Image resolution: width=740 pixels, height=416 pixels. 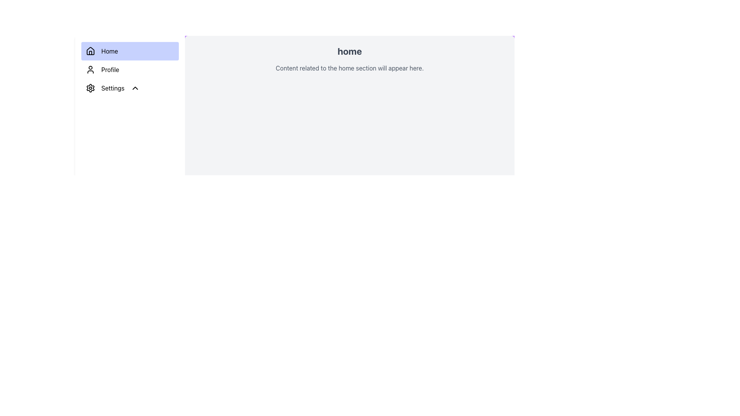 What do you see at coordinates (130, 51) in the screenshot?
I see `the 'Home' button with a light indigo background and house icon` at bounding box center [130, 51].